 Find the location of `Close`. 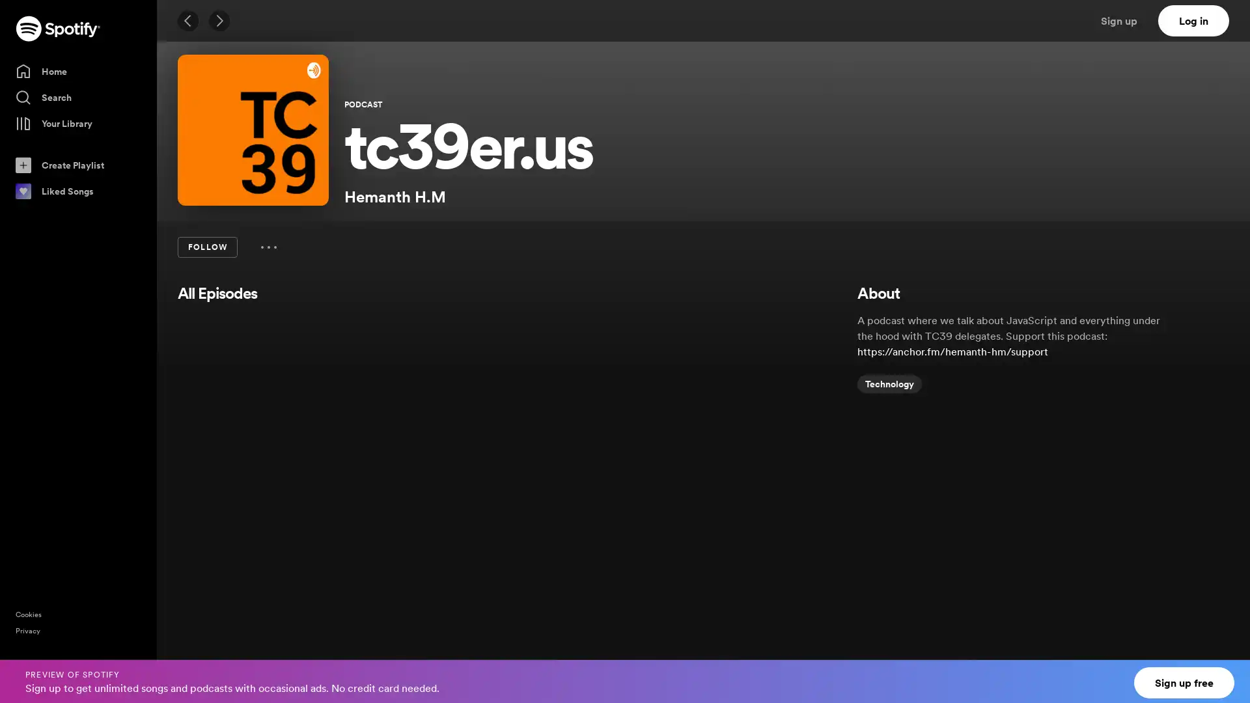

Close is located at coordinates (1228, 673).